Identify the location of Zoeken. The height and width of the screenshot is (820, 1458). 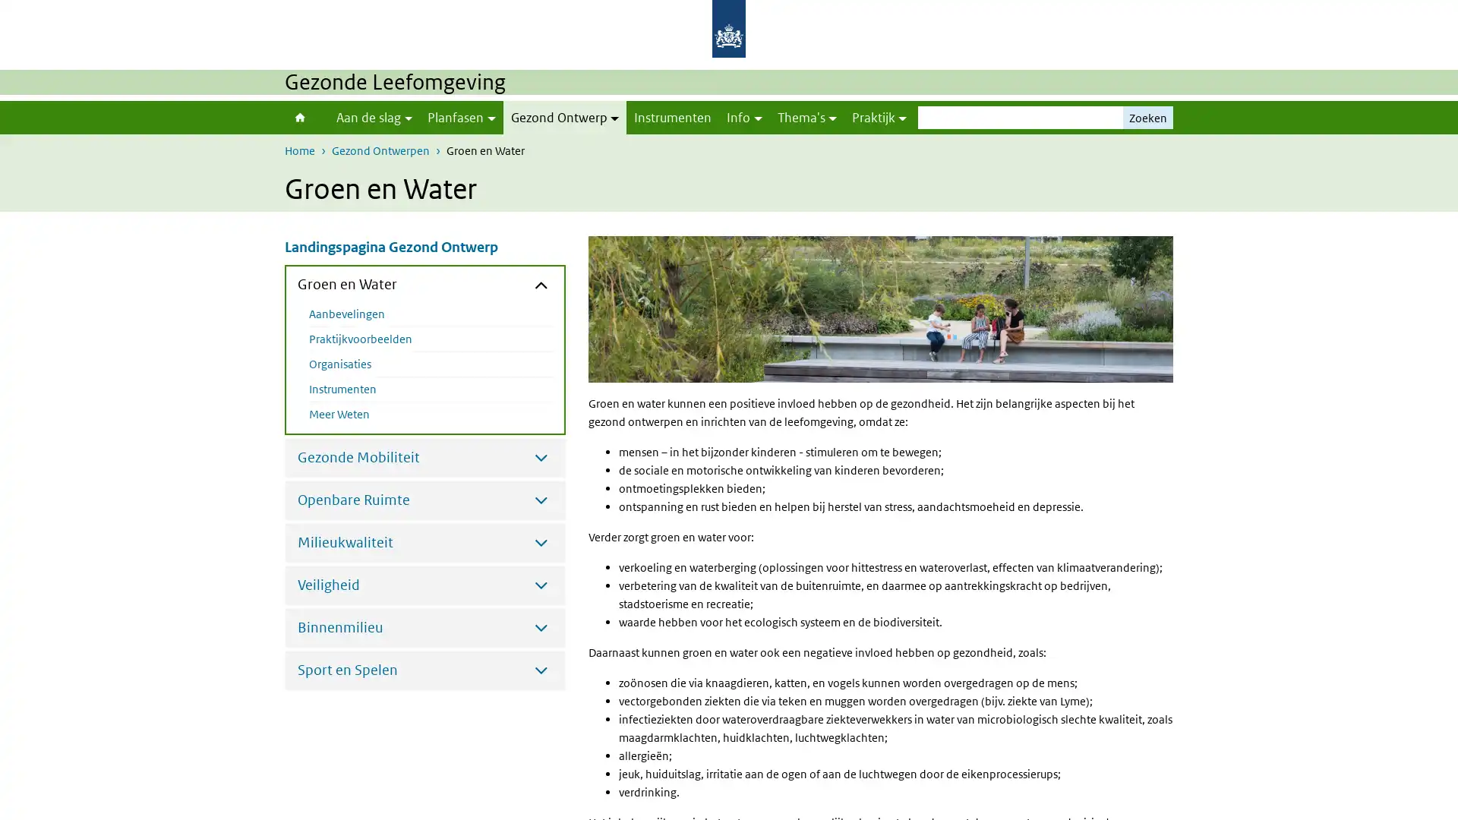
(1148, 116).